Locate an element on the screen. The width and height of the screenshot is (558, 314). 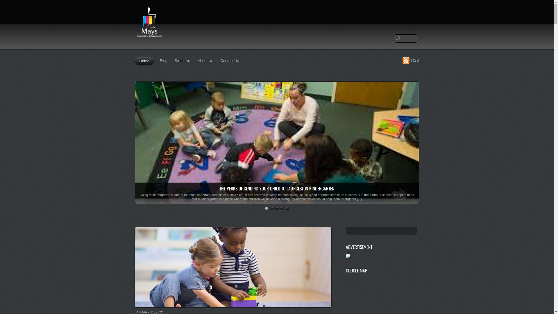
'Search' is located at coordinates (382, 231).